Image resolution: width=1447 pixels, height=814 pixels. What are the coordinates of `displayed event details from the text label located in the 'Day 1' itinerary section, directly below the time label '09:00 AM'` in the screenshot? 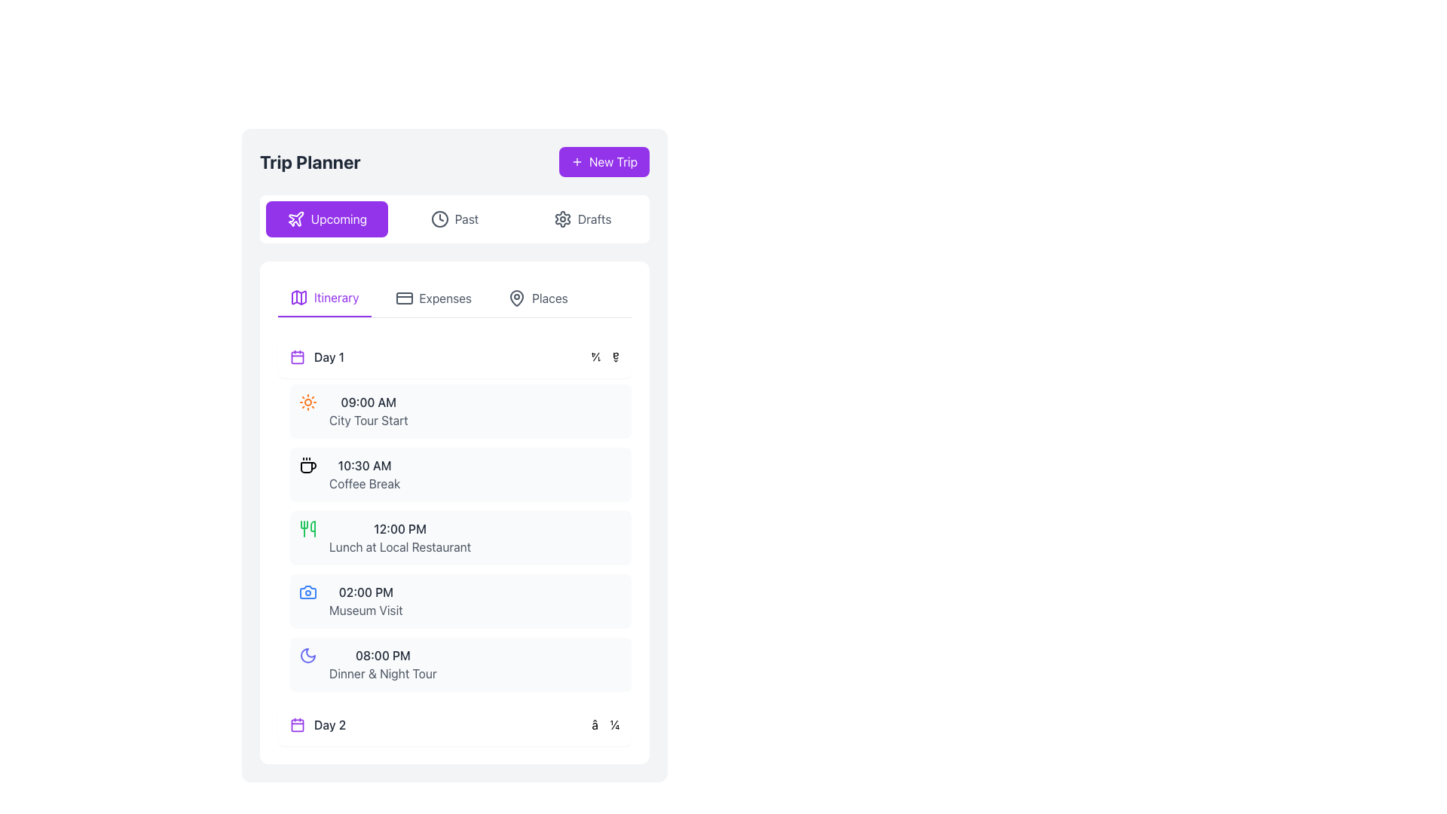 It's located at (369, 421).